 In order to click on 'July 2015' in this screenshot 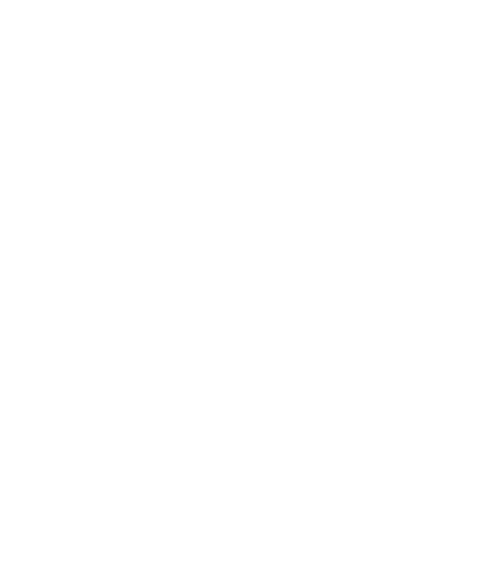, I will do `click(68, 399)`.